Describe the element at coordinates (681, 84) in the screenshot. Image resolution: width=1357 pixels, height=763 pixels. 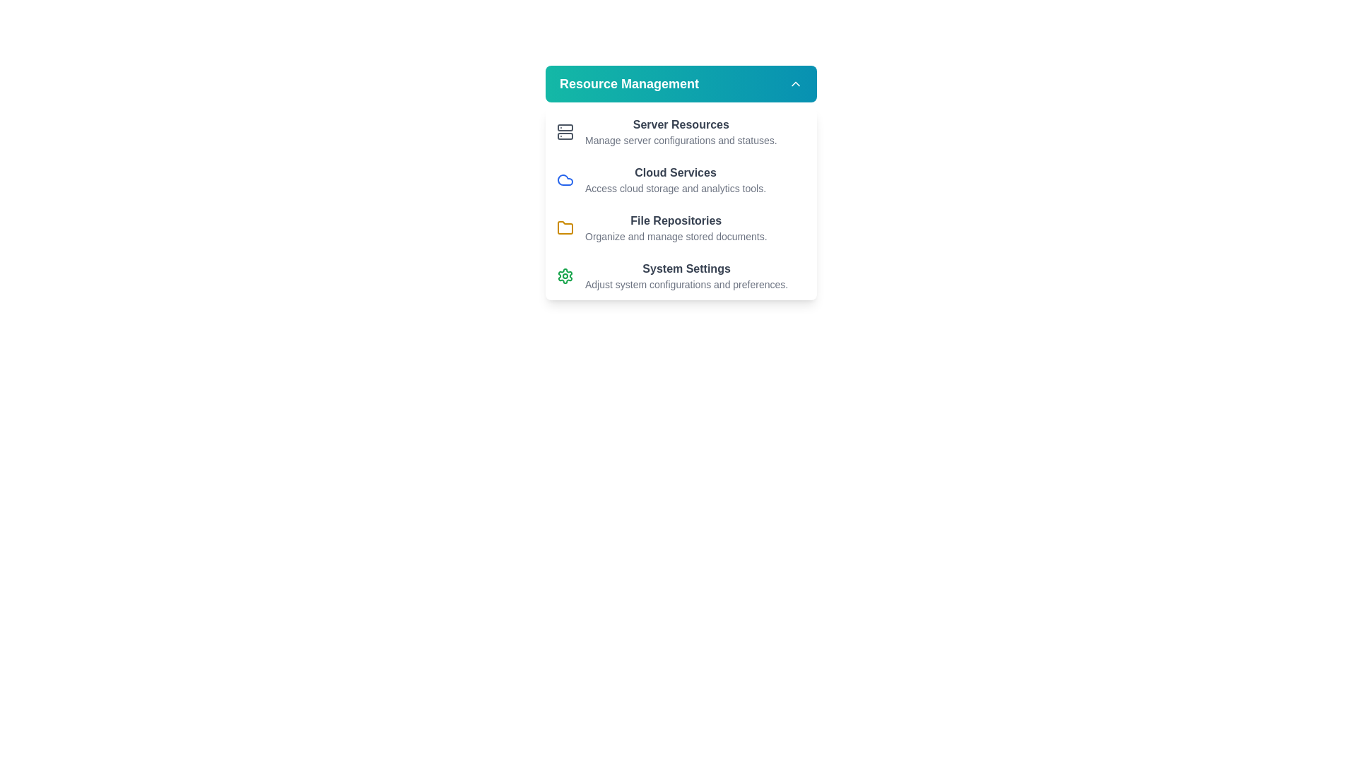
I see `the Dropdown header located at the top of the dropdown menu structure, which serves as a toggle to expand or collapse the menu` at that location.